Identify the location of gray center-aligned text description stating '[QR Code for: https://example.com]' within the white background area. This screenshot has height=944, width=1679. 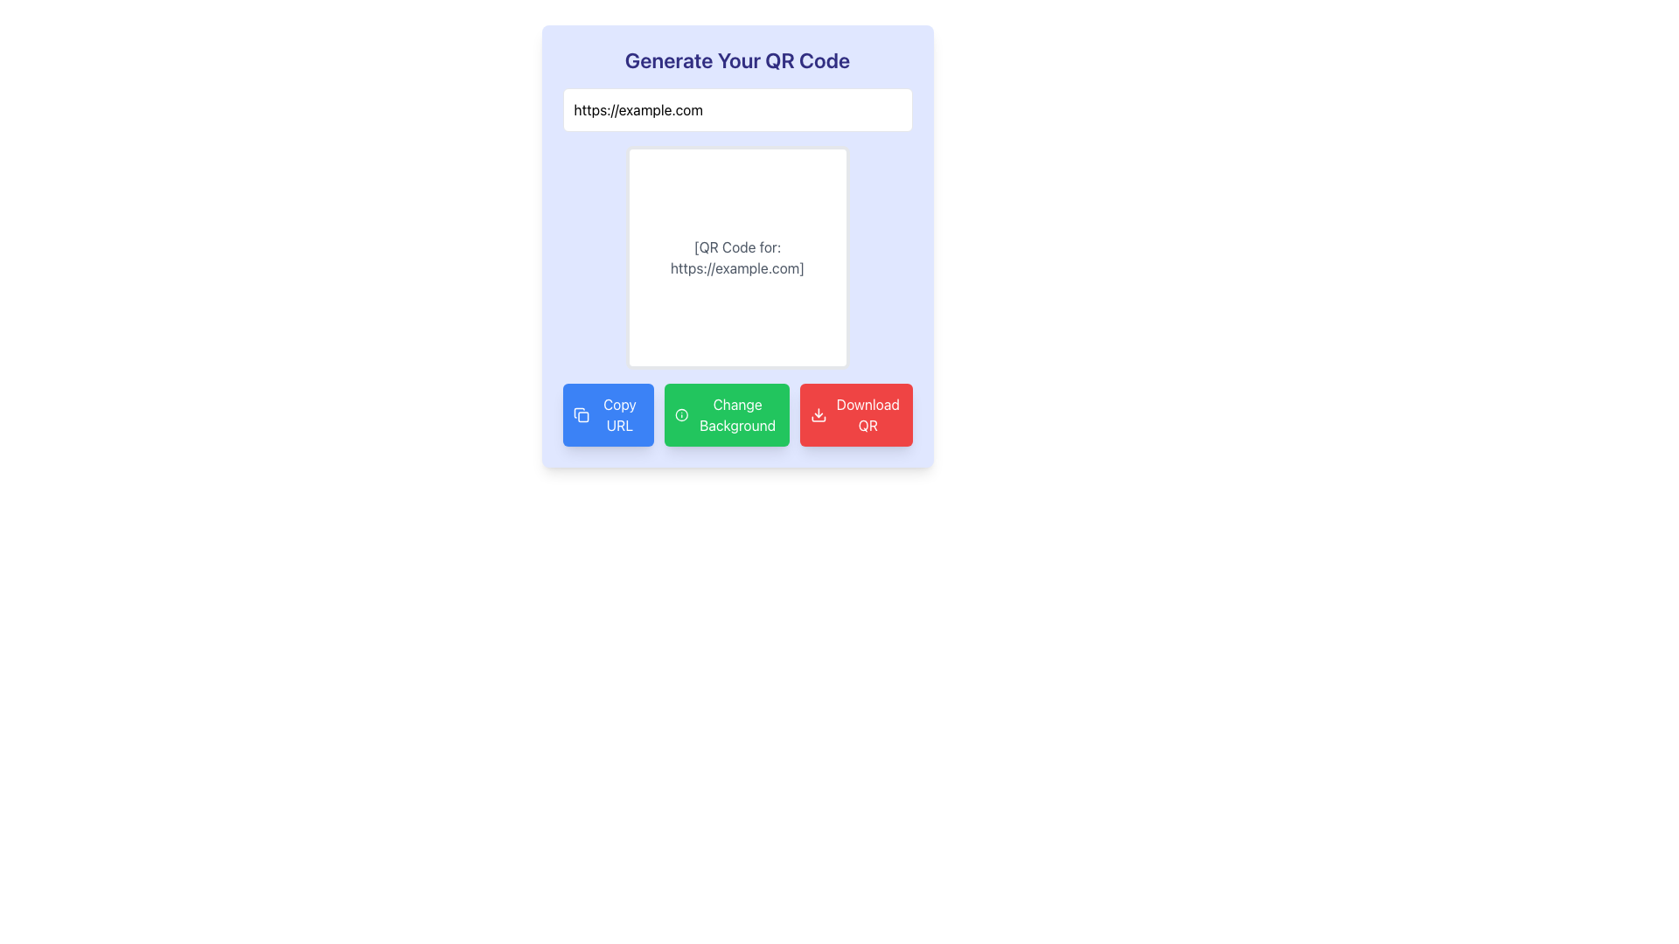
(737, 257).